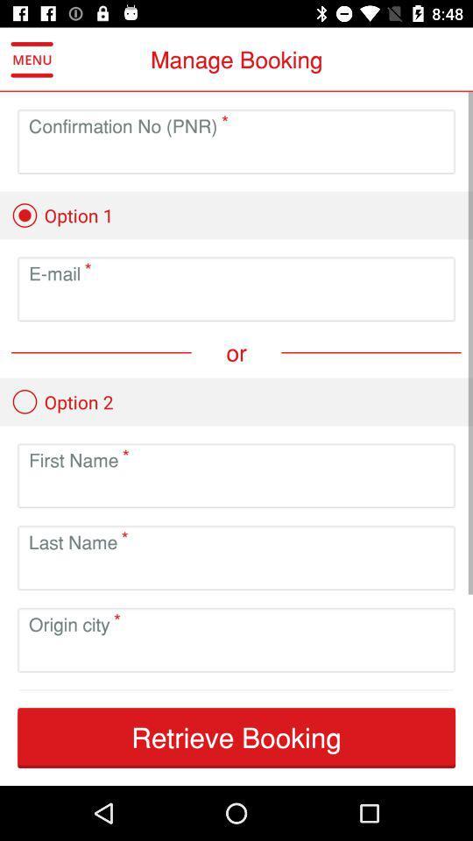 The width and height of the screenshot is (473, 841). I want to click on the confirmation number, so click(236, 154).